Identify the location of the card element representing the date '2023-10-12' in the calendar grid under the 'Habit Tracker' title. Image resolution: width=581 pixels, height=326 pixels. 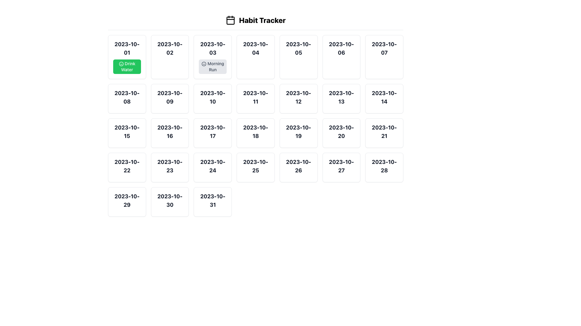
(298, 98).